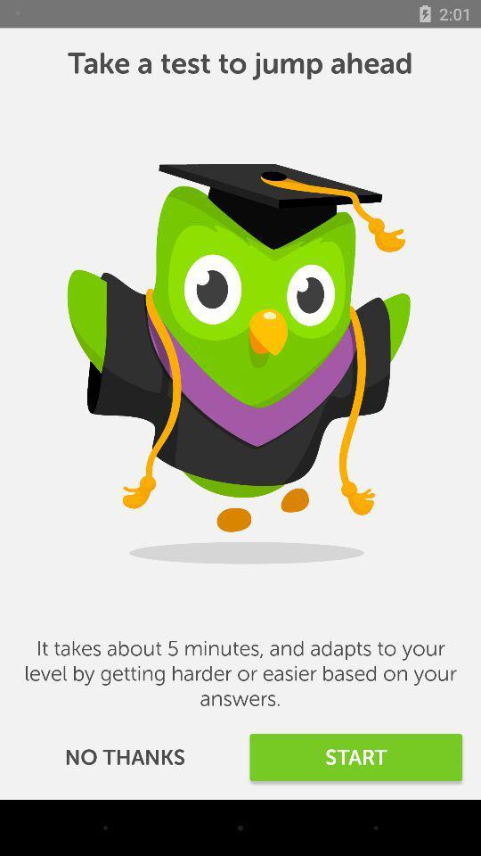 The height and width of the screenshot is (856, 481). Describe the element at coordinates (124, 756) in the screenshot. I see `item below the it takes about item` at that location.